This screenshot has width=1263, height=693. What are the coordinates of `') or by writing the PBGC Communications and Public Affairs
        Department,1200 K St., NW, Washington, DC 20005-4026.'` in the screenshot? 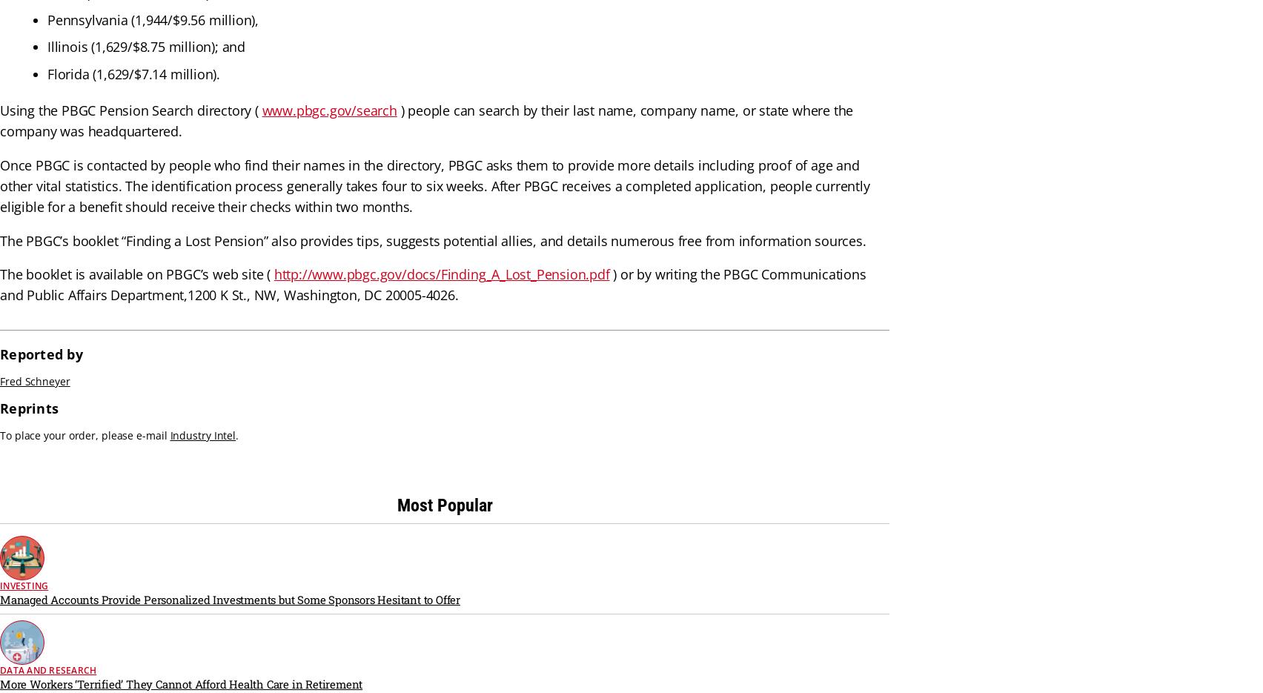 It's located at (432, 285).